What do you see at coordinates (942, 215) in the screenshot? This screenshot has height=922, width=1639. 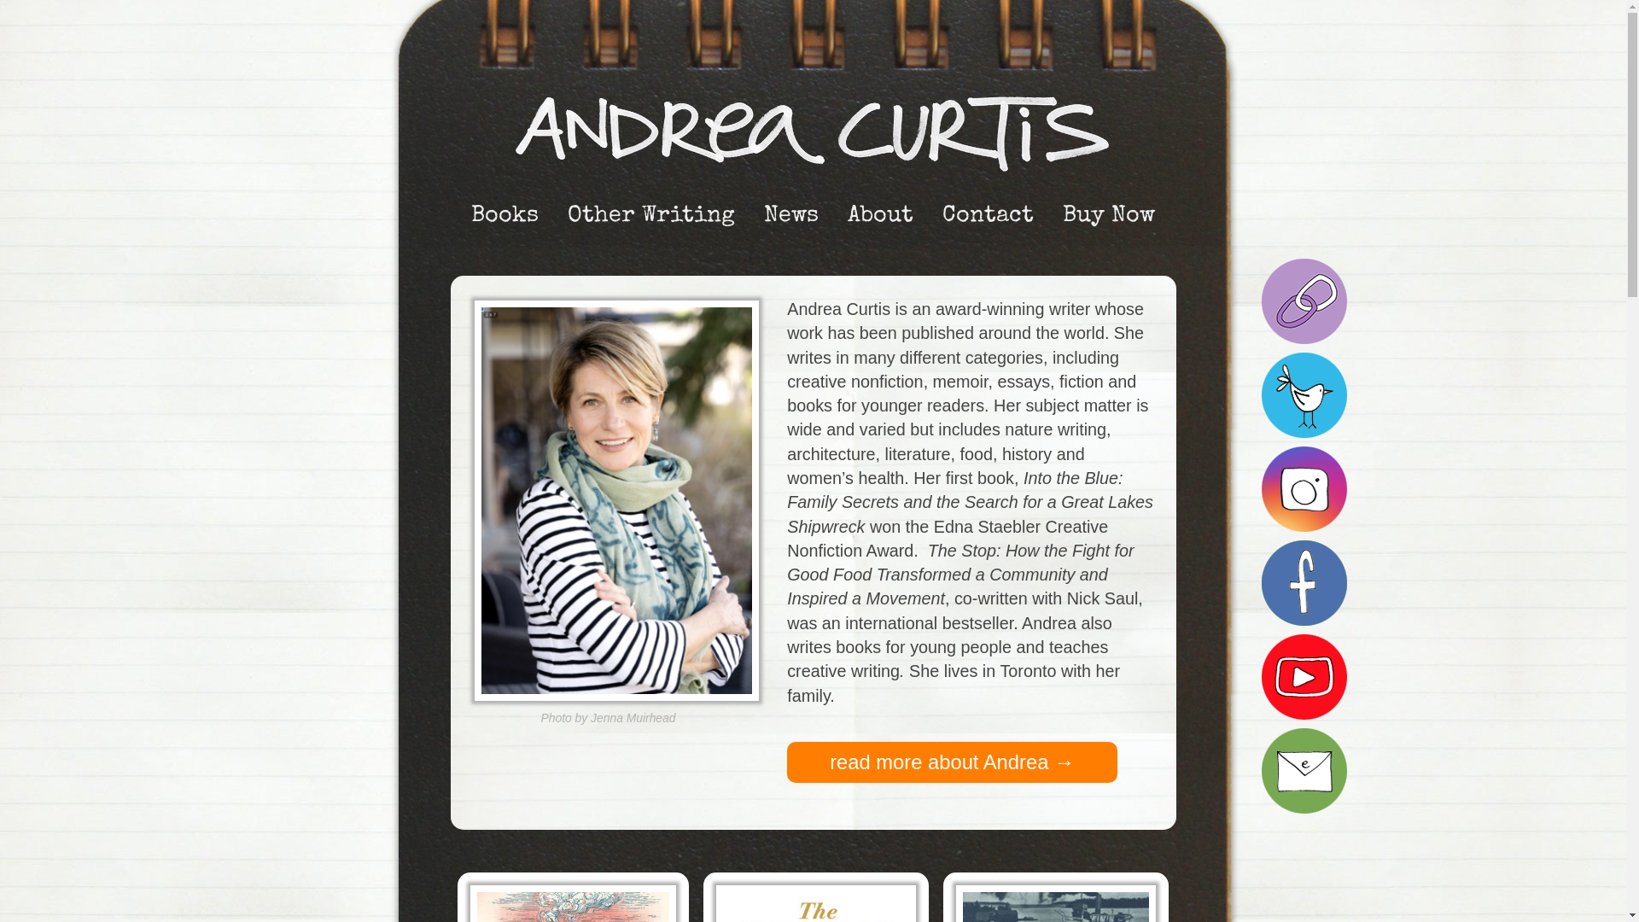 I see `'Contact'` at bounding box center [942, 215].